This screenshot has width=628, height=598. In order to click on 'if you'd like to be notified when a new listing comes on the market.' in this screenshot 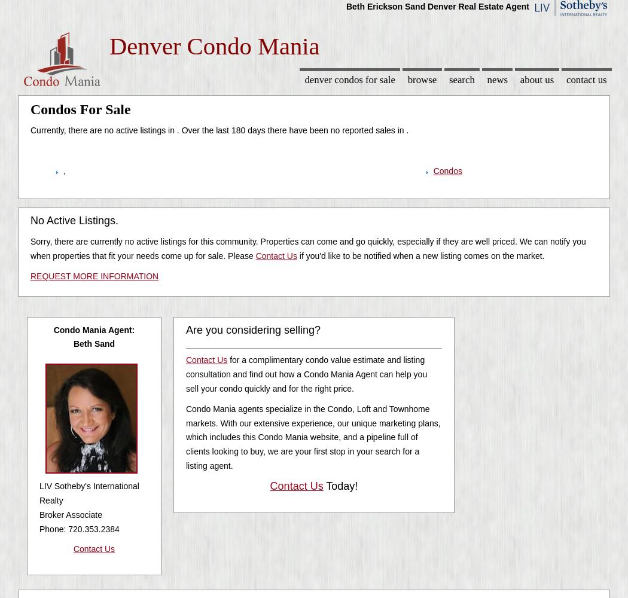, I will do `click(420, 255)`.